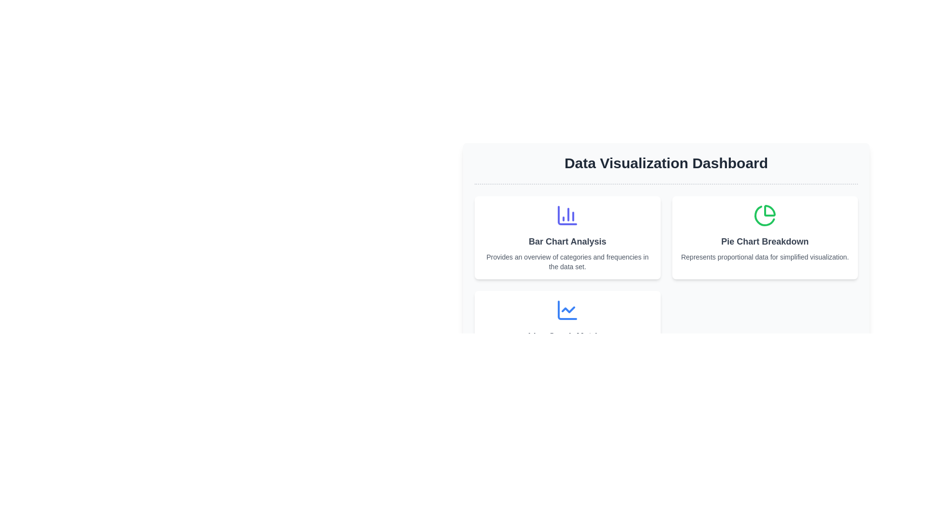  Describe the element at coordinates (769, 210) in the screenshot. I see `the SVG graphical element representing a portion of the pie chart in the 'Pie Chart Breakdown' section of the user interface` at that location.